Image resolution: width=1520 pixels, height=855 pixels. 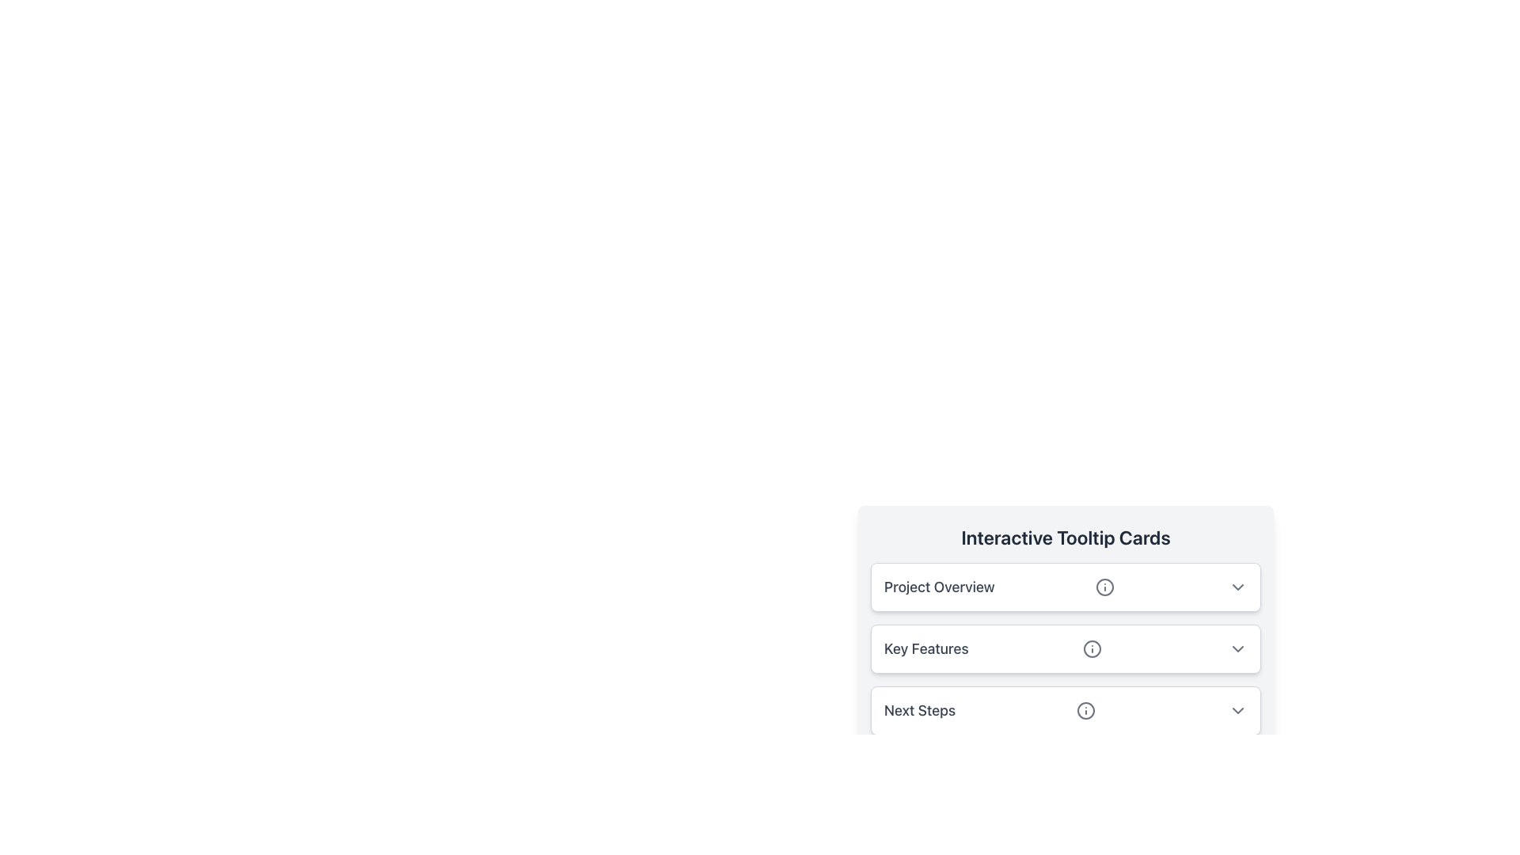 What do you see at coordinates (1091, 649) in the screenshot?
I see `the circular icon in the 'Key Features' section` at bounding box center [1091, 649].